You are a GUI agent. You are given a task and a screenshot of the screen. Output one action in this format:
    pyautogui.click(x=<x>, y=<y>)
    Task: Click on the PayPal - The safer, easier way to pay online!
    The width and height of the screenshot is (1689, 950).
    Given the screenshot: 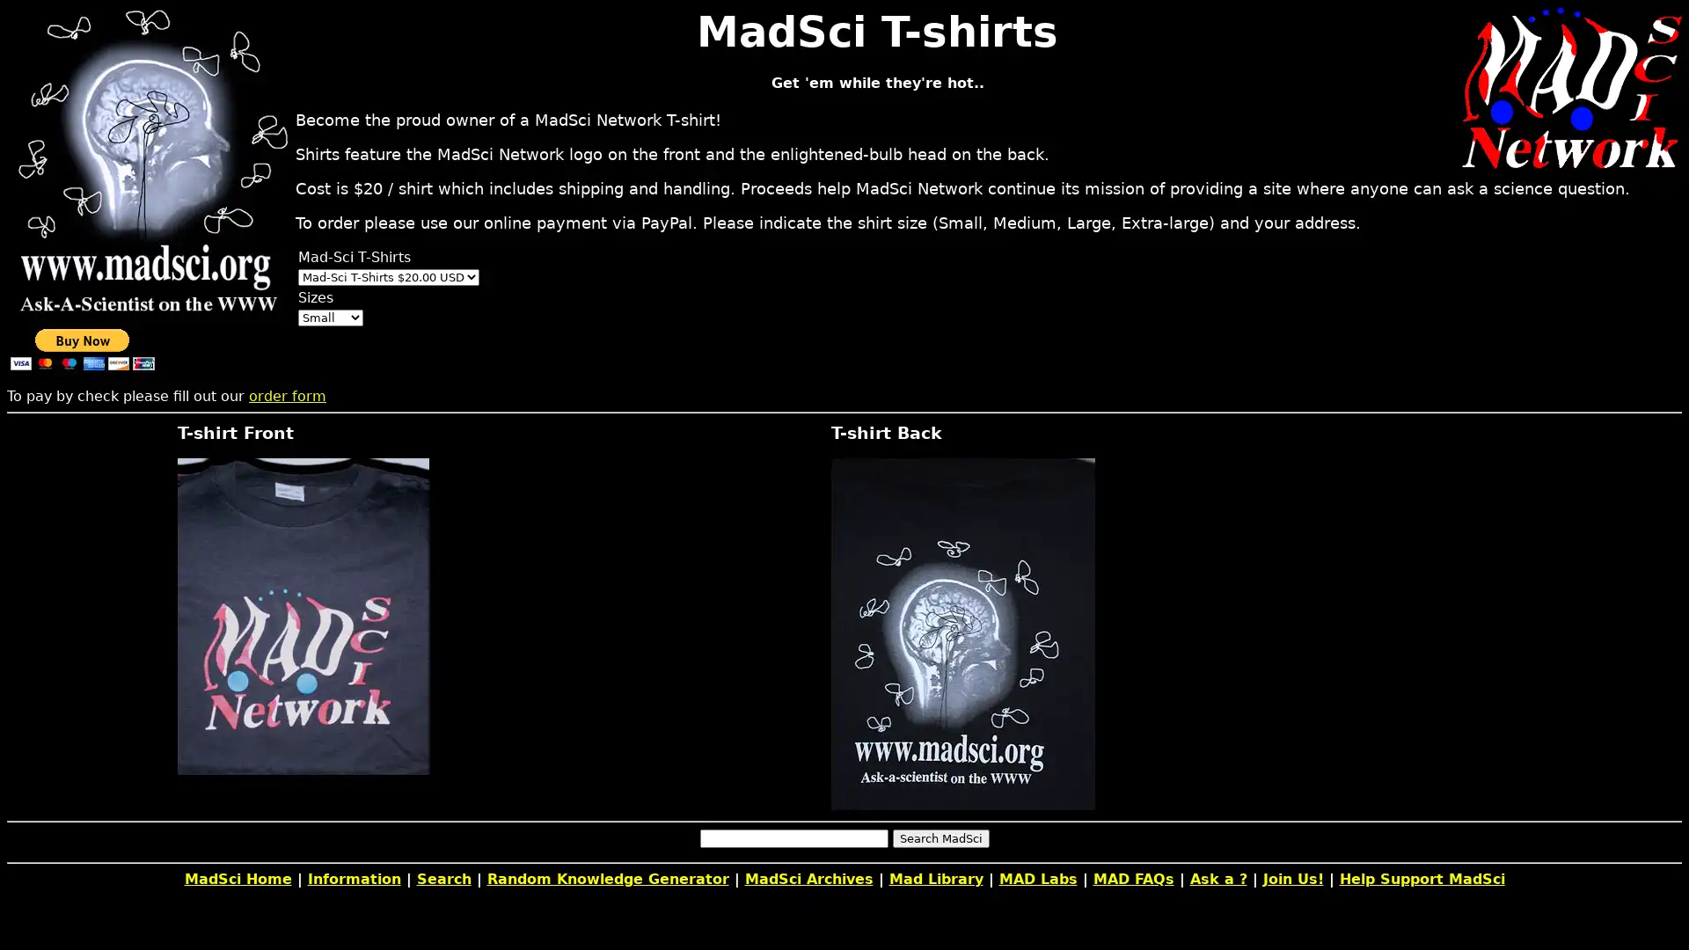 What is the action you would take?
    pyautogui.click(x=81, y=348)
    